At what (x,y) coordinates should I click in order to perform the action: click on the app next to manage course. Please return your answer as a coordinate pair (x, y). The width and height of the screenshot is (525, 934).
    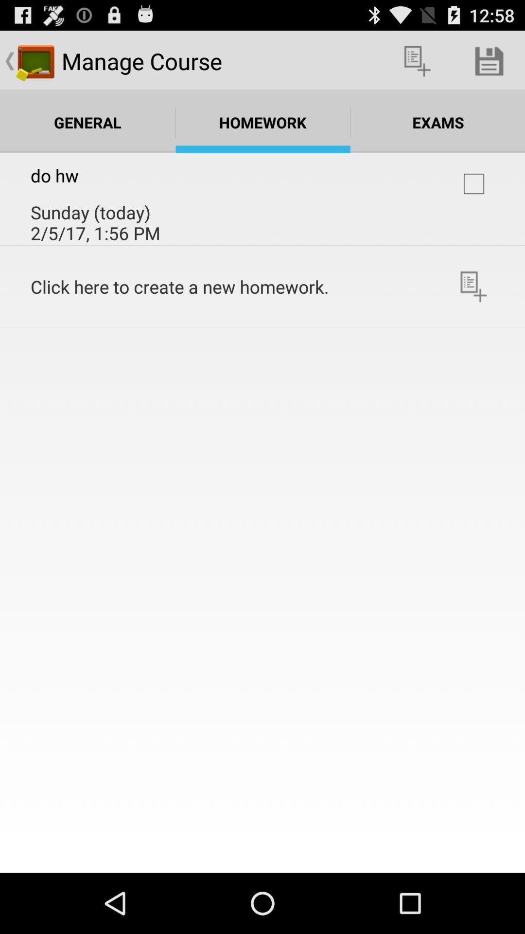
    Looking at the image, I should click on (417, 60).